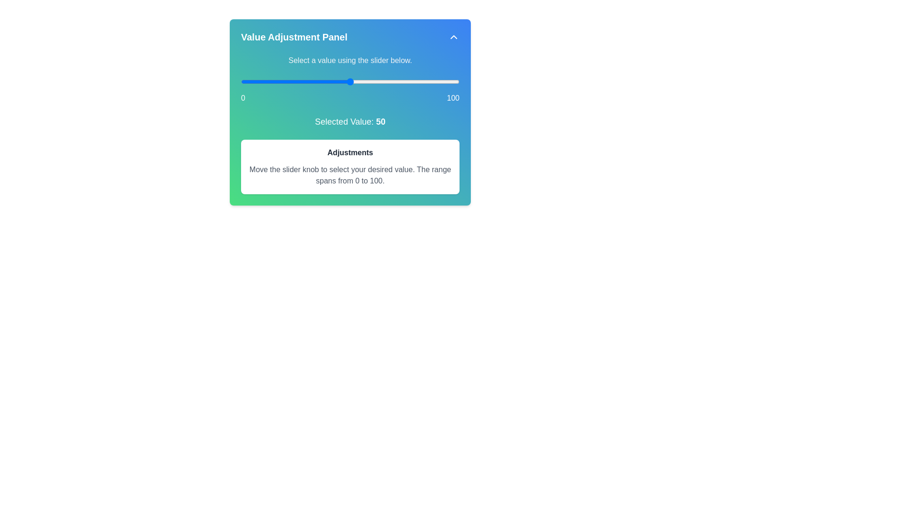 The image size is (904, 508). I want to click on the bold, dark gray header text labeled 'Adjustments' located at the top of a white rounded rectangular card, so click(350, 152).